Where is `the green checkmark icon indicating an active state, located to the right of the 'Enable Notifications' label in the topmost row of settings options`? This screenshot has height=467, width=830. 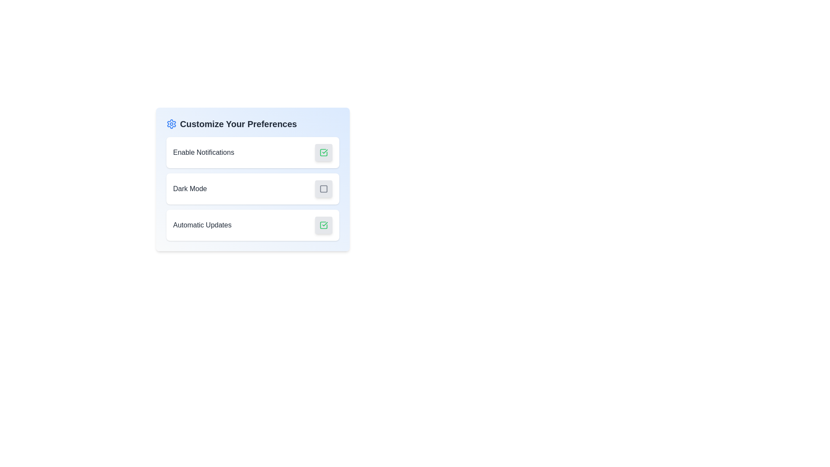
the green checkmark icon indicating an active state, located to the right of the 'Enable Notifications' label in the topmost row of settings options is located at coordinates (323, 152).